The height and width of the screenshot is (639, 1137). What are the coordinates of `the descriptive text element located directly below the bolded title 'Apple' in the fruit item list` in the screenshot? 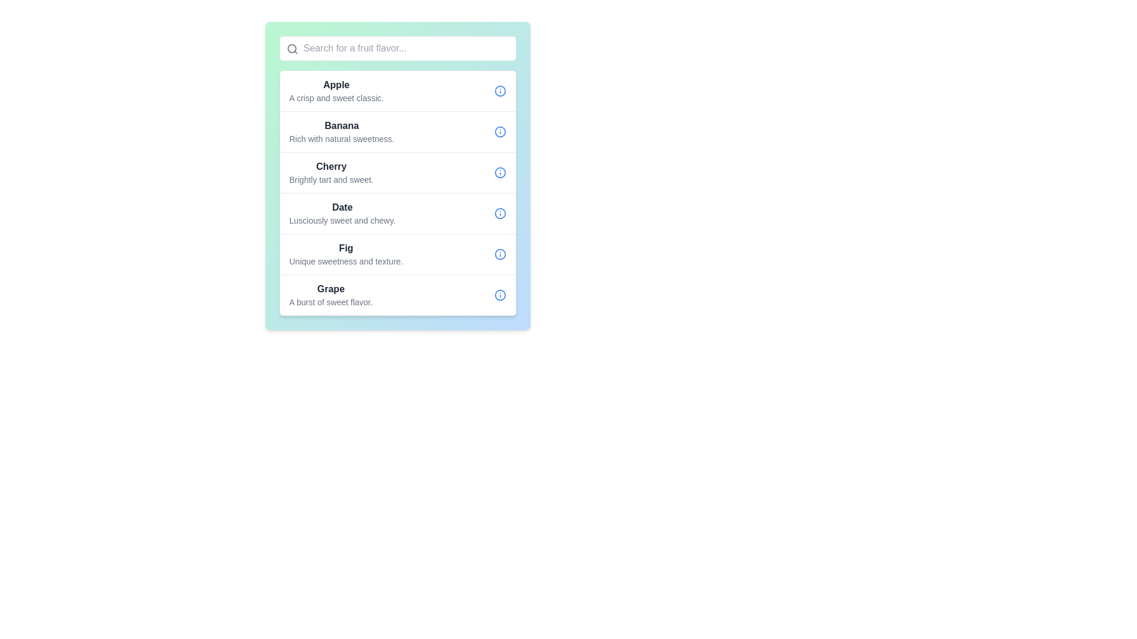 It's located at (336, 97).